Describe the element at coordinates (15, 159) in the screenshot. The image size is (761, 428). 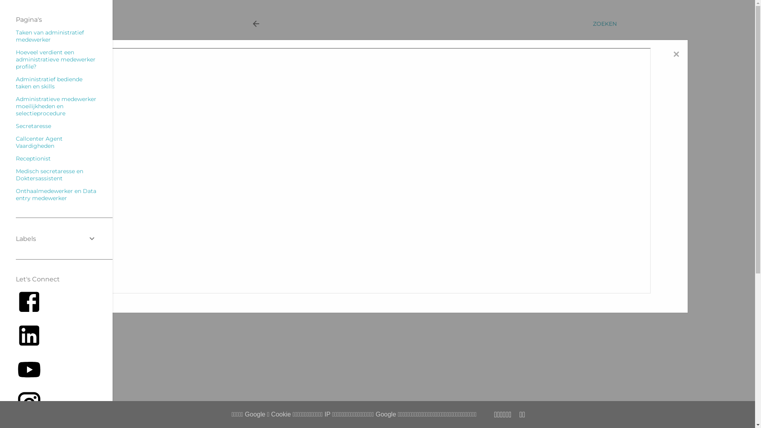
I see `'Receptionist'` at that location.